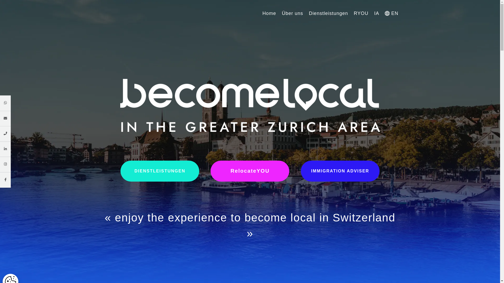 The height and width of the screenshot is (283, 504). I want to click on 'RelocateYOU', so click(210, 171).